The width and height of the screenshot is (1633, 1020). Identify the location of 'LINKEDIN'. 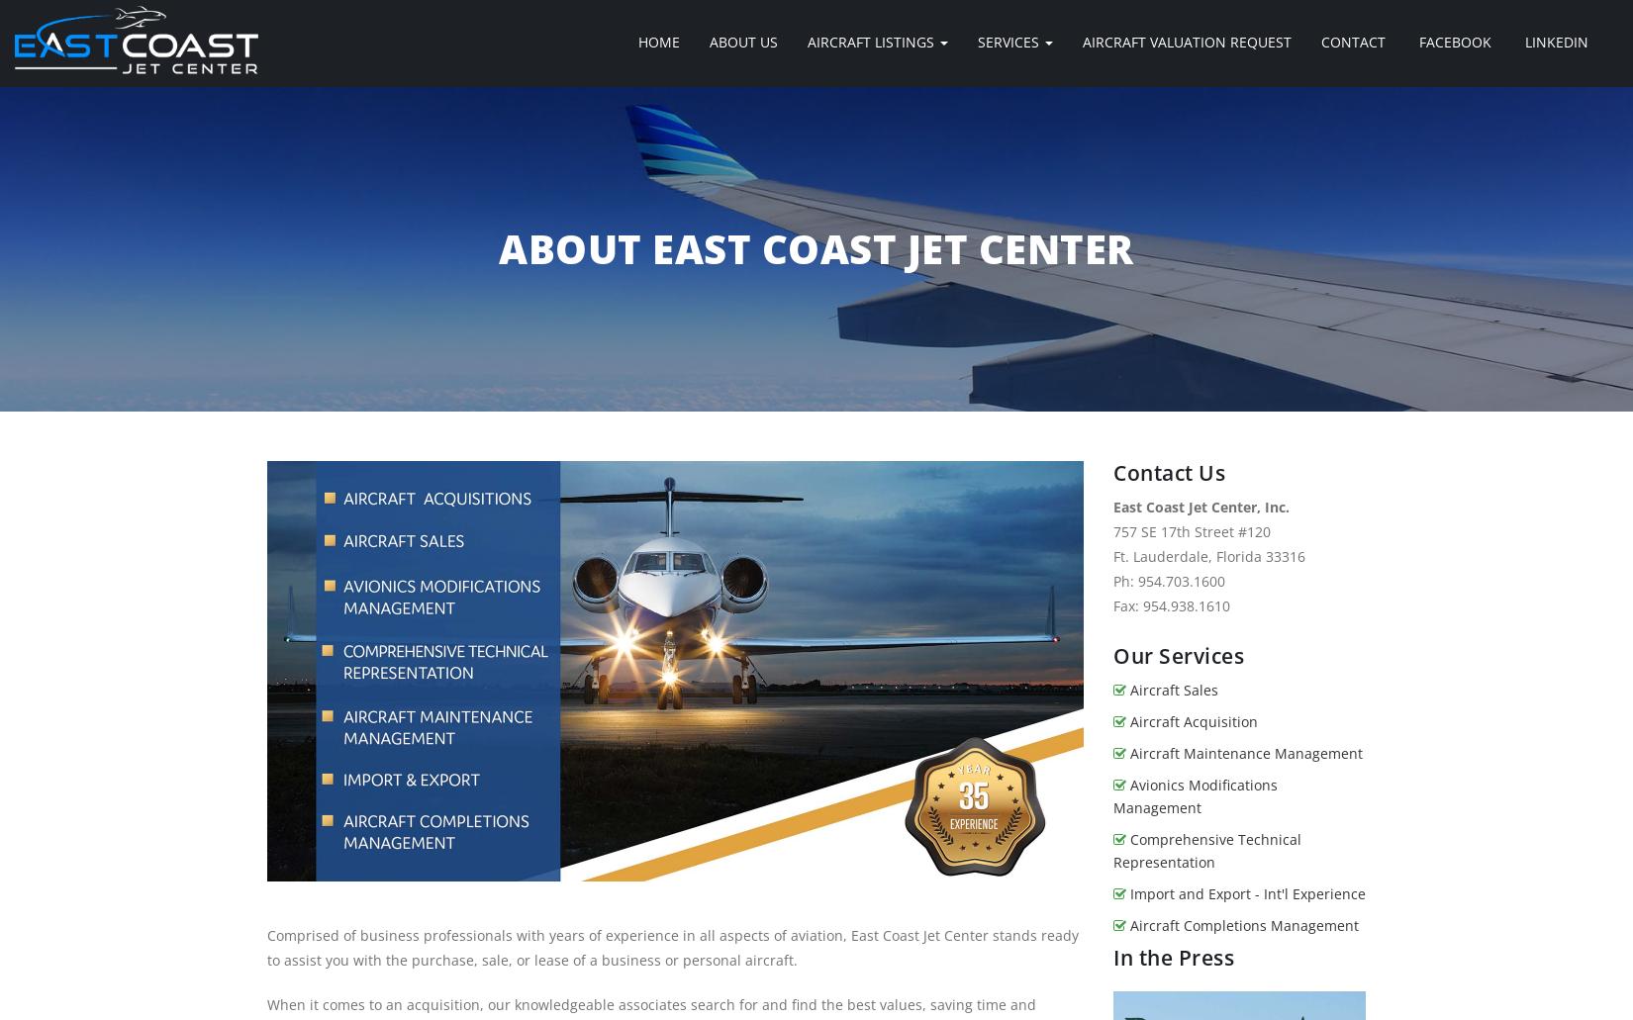
(1519, 42).